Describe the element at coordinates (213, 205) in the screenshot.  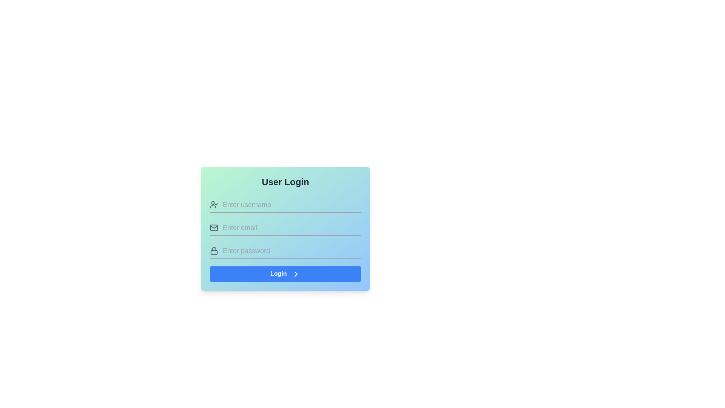
I see `the user check icon, which is styled with thin lines and a checkmark overlaying a user silhouette, located in the first row of the form under the 'User Login' header, preceding the 'Enter username' placeholder text` at that location.